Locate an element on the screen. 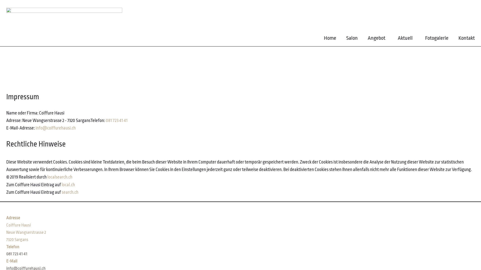 This screenshot has width=481, height=270. '081 723 41 41' is located at coordinates (116, 120).